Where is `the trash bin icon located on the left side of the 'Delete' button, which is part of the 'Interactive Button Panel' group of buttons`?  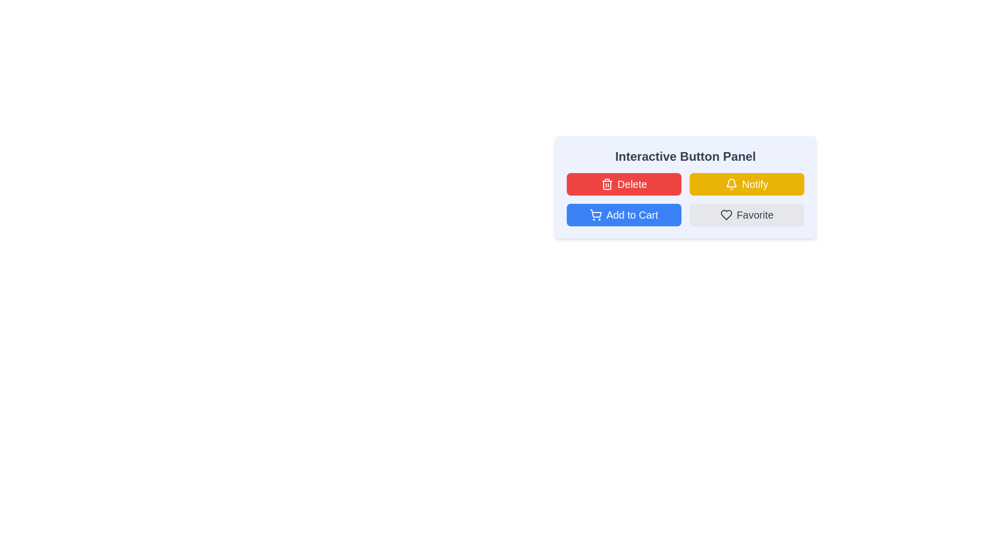
the trash bin icon located on the left side of the 'Delete' button, which is part of the 'Interactive Button Panel' group of buttons is located at coordinates (607, 183).